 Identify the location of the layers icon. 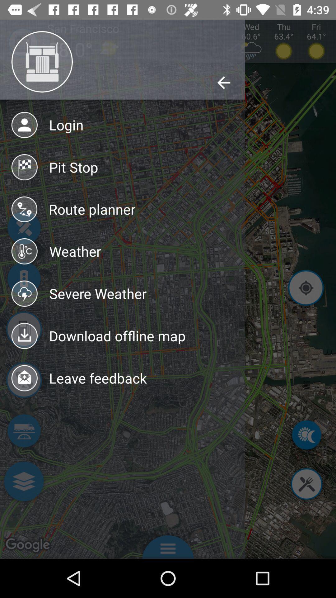
(23, 482).